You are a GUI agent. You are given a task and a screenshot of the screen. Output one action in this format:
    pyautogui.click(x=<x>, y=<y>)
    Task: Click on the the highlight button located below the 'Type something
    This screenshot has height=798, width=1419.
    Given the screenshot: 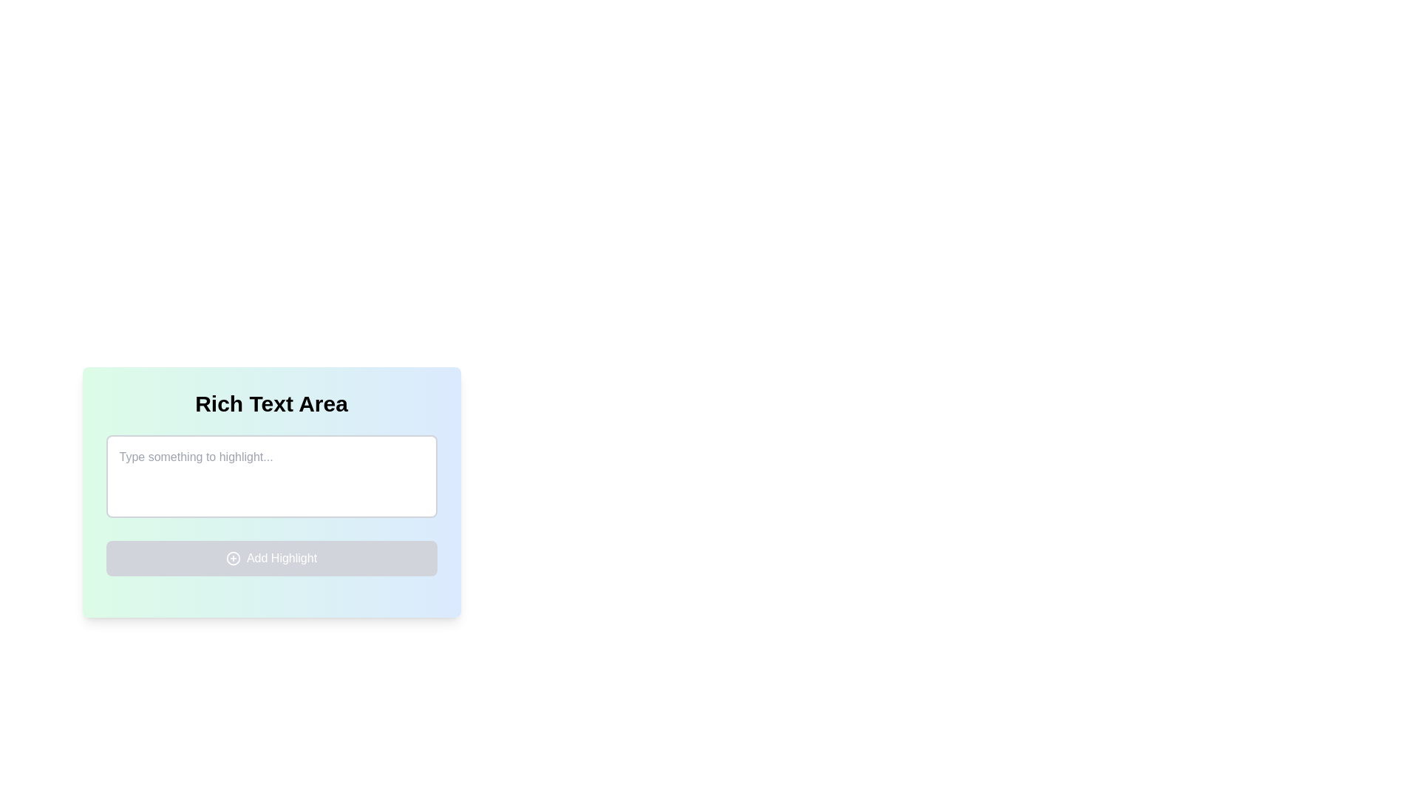 What is the action you would take?
    pyautogui.click(x=271, y=559)
    